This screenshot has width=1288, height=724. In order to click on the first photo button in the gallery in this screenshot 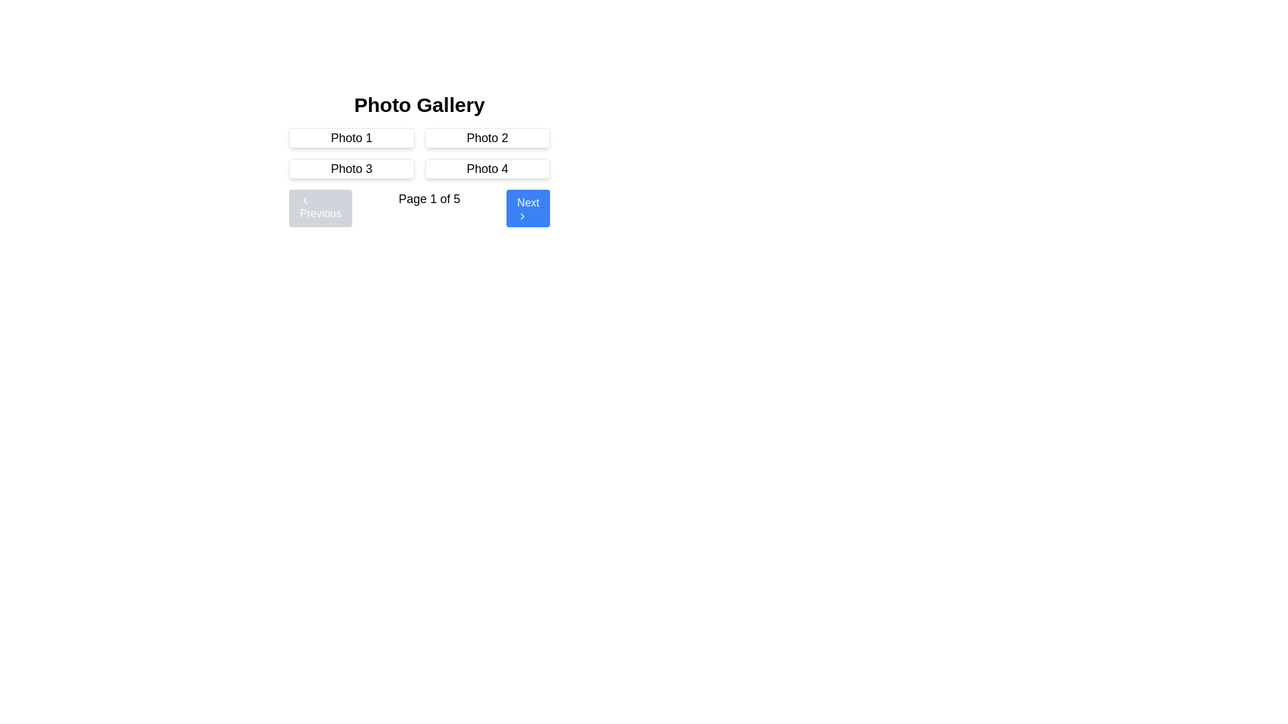, I will do `click(352, 137)`.